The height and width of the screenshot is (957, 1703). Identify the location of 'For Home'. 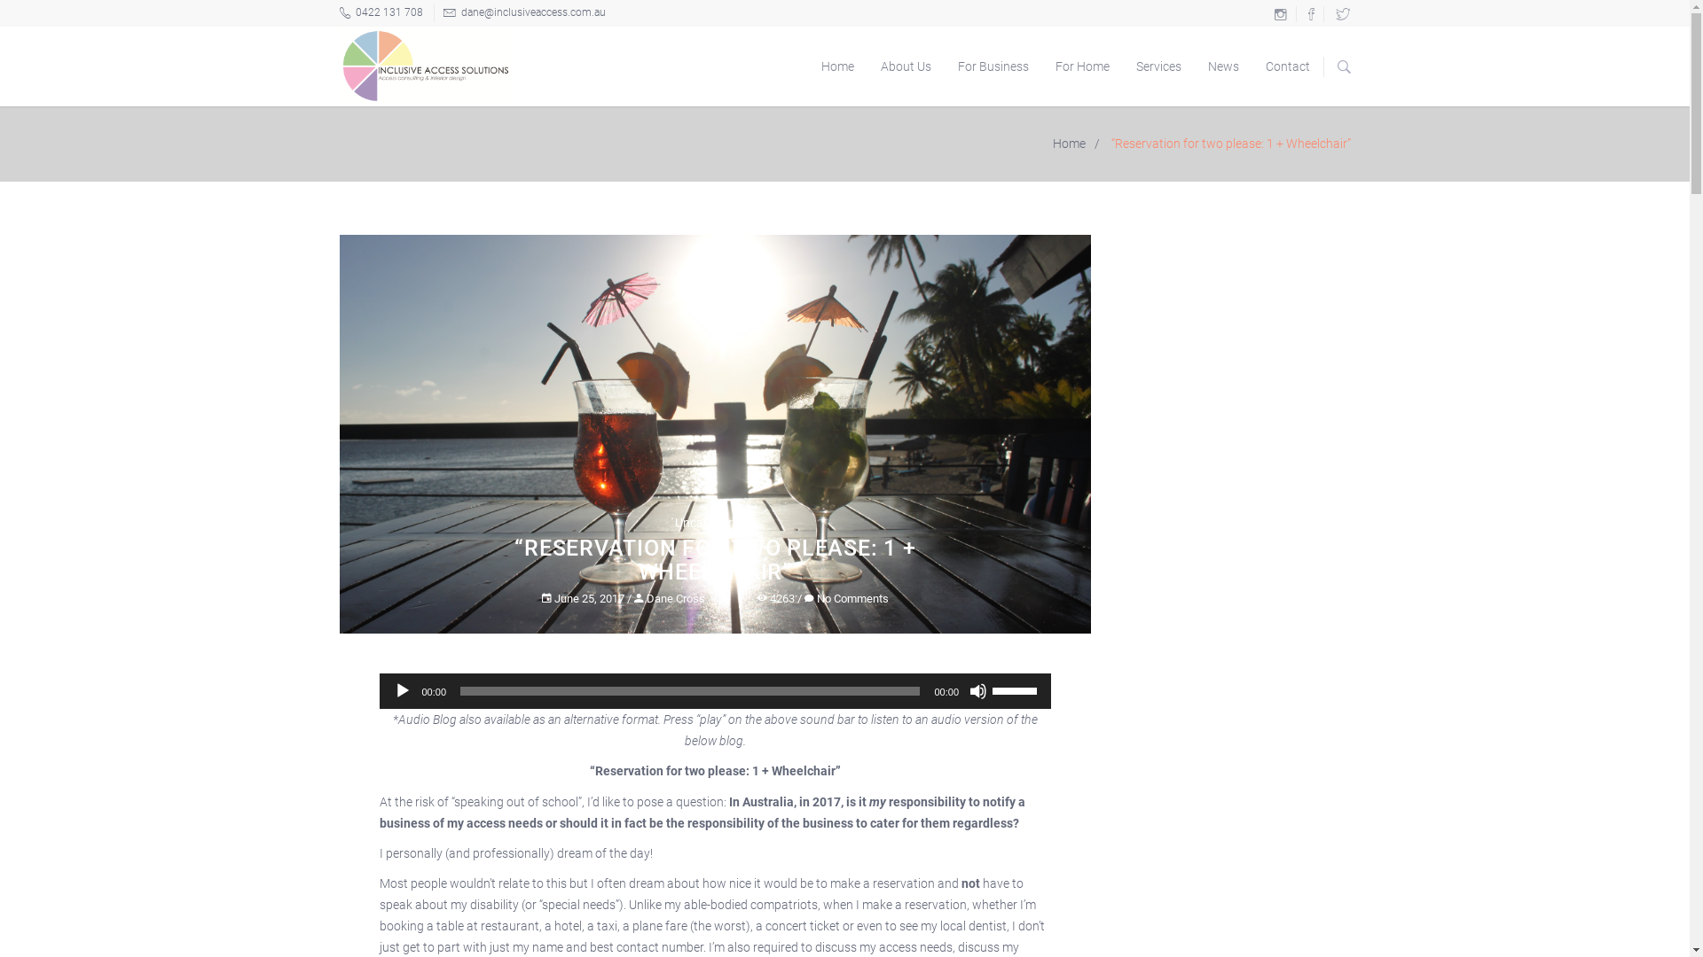
(1080, 65).